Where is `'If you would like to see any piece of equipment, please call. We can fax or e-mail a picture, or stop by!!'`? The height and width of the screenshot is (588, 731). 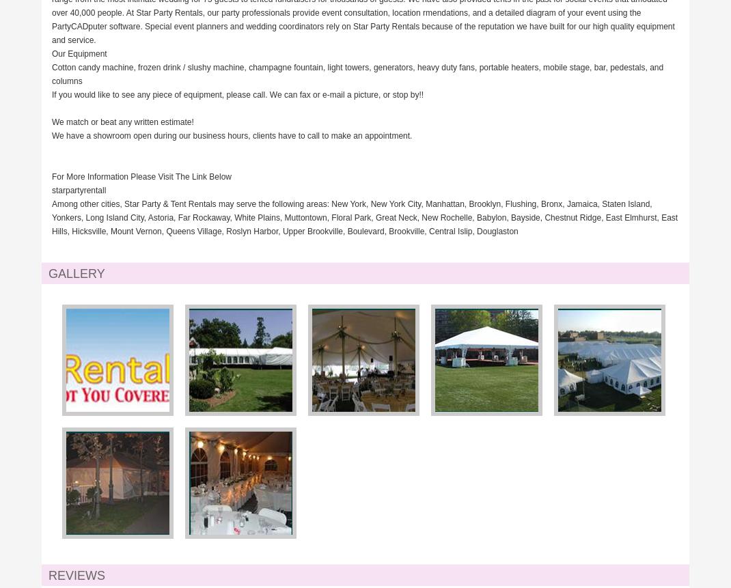 'If you would like to see any piece of equipment, please call. We can fax or e-mail a picture, or stop by!!' is located at coordinates (51, 94).